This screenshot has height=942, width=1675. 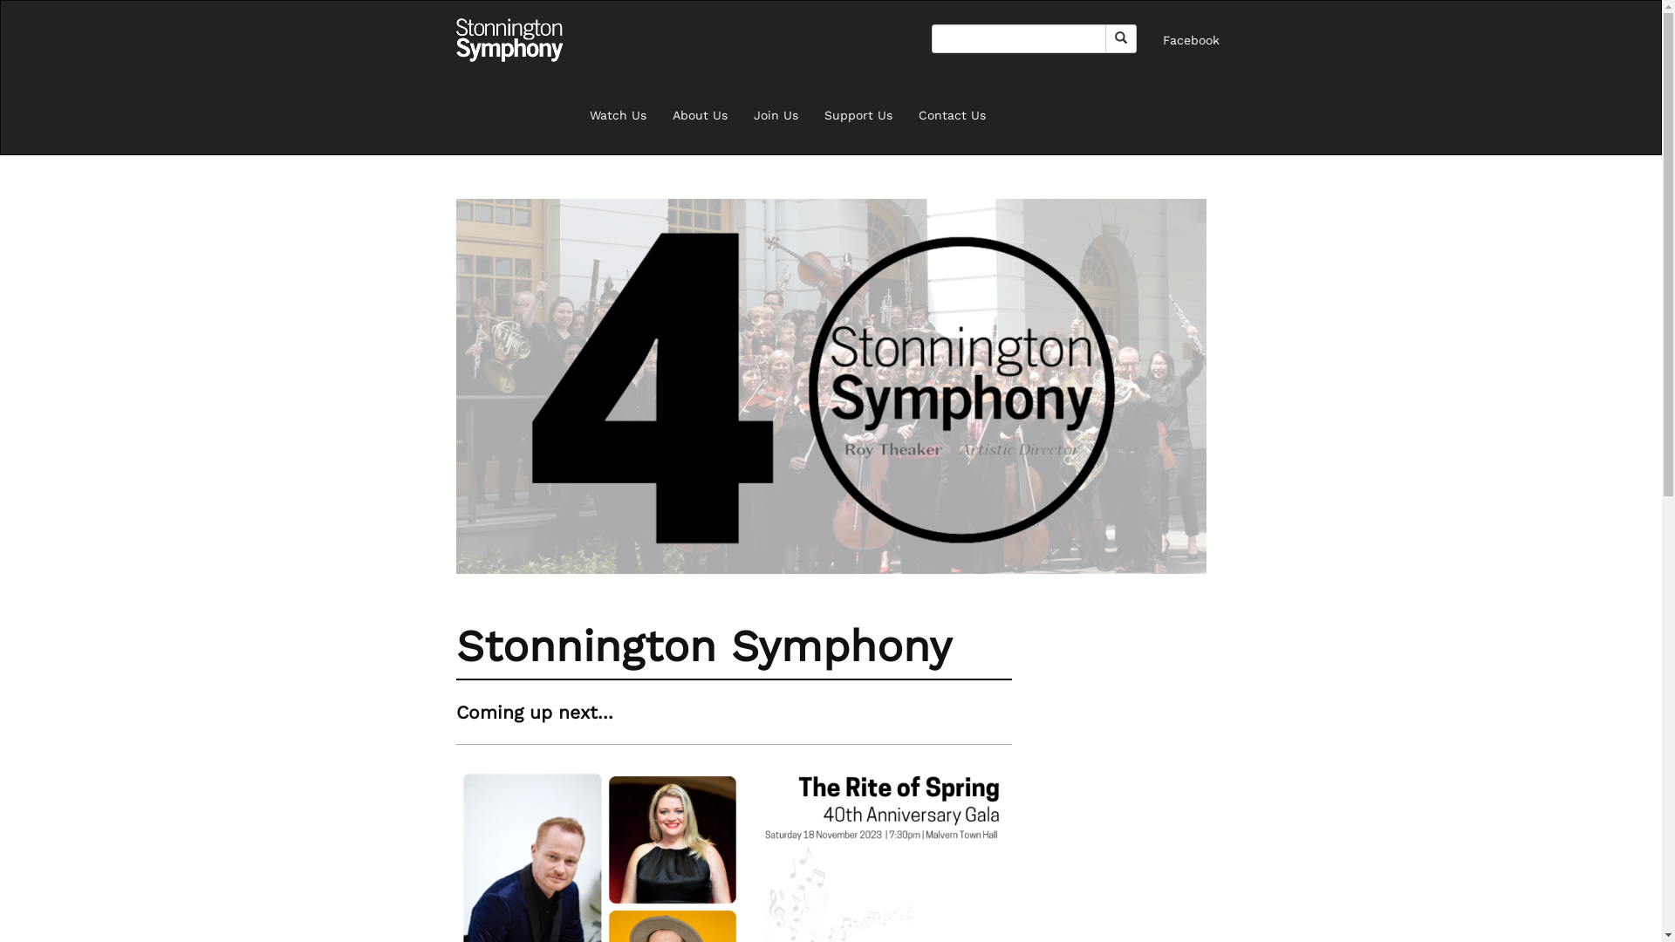 I want to click on 'Stonnington Symphony', so click(x=455, y=39).